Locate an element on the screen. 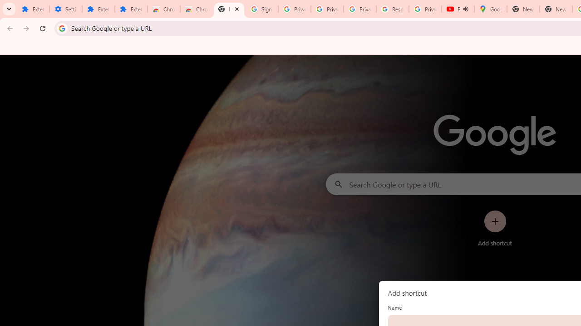 Image resolution: width=581 pixels, height=326 pixels. 'Chrome Web Store - Themes' is located at coordinates (196, 9).